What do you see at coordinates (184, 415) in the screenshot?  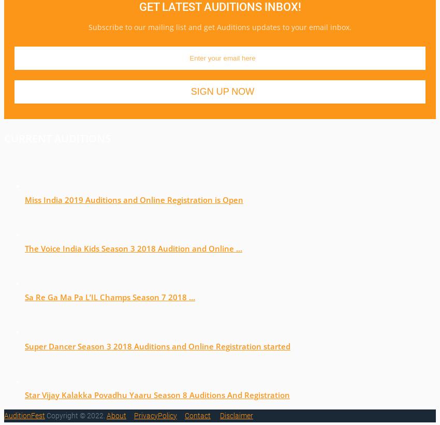 I see `'Contact'` at bounding box center [184, 415].